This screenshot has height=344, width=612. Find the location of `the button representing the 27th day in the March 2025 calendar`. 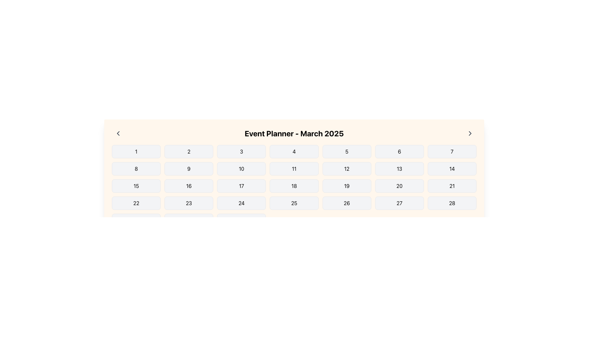

the button representing the 27th day in the March 2025 calendar is located at coordinates (399, 203).